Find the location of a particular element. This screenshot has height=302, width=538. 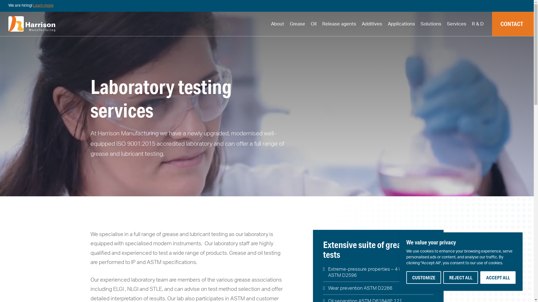

'Additives' is located at coordinates (372, 23).